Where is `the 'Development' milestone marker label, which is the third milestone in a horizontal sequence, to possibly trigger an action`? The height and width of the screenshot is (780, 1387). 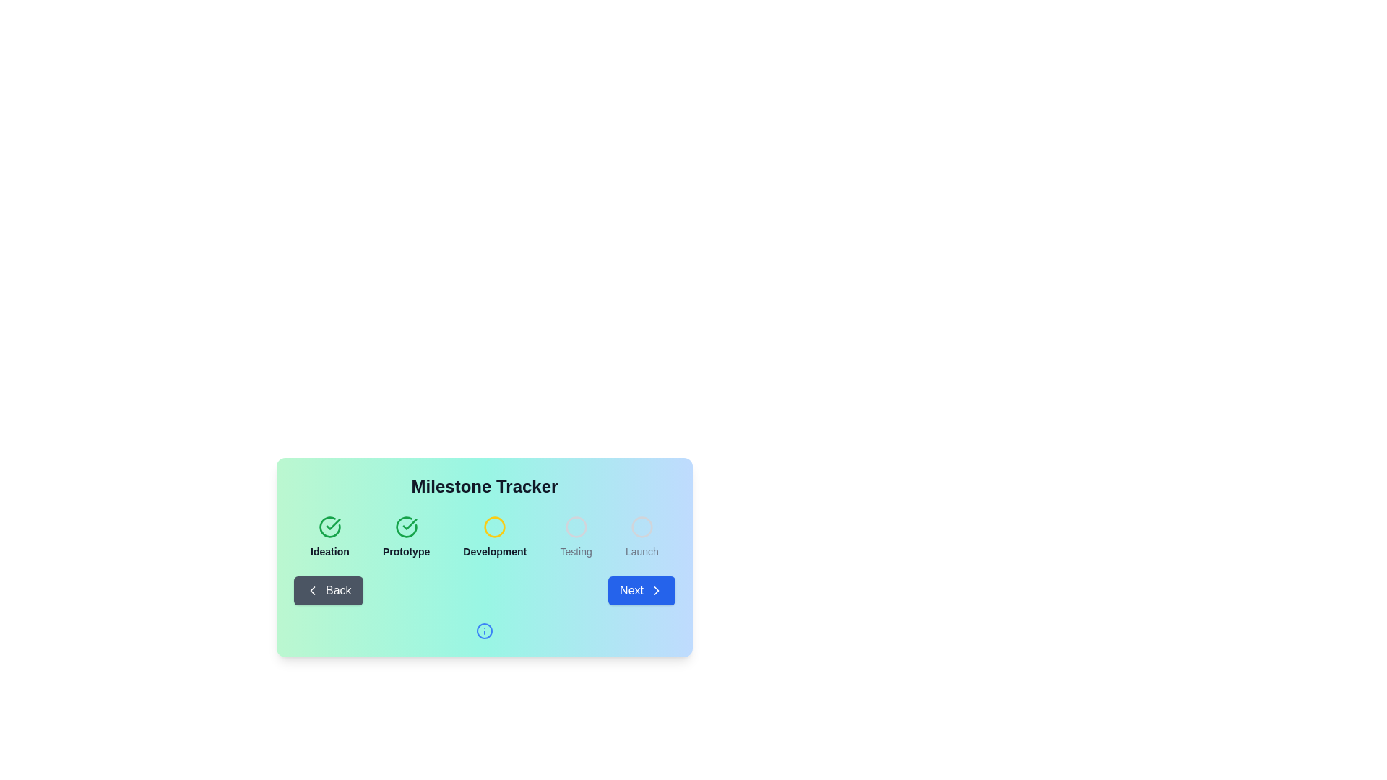 the 'Development' milestone marker label, which is the third milestone in a horizontal sequence, to possibly trigger an action is located at coordinates (495, 537).